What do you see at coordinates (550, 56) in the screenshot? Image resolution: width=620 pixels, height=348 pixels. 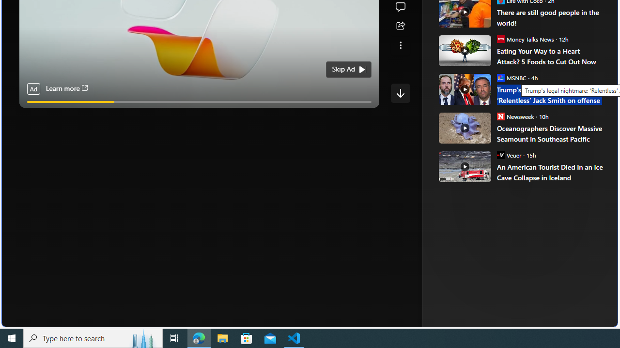 I see `'Eating Your Way to a Heart Attack? 5 Foods to Cut Out Now'` at bounding box center [550, 56].